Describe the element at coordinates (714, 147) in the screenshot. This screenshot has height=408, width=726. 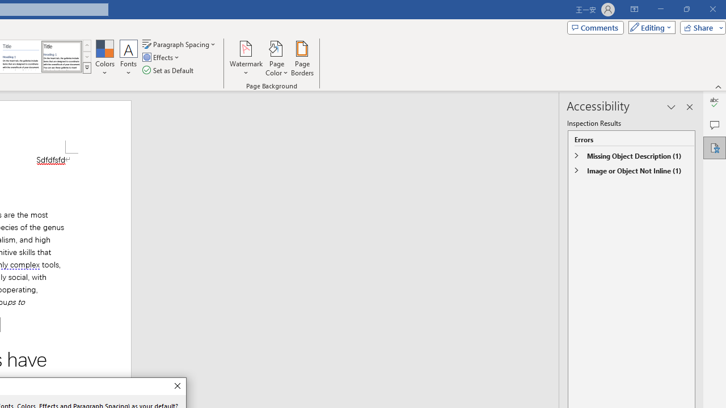
I see `'Accessibility'` at that location.